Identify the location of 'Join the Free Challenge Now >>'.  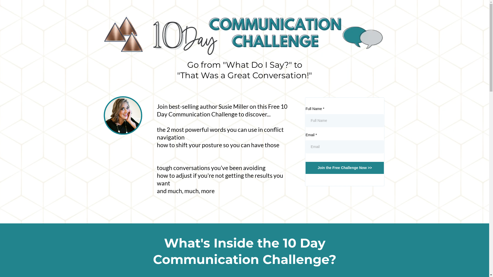
(345, 168).